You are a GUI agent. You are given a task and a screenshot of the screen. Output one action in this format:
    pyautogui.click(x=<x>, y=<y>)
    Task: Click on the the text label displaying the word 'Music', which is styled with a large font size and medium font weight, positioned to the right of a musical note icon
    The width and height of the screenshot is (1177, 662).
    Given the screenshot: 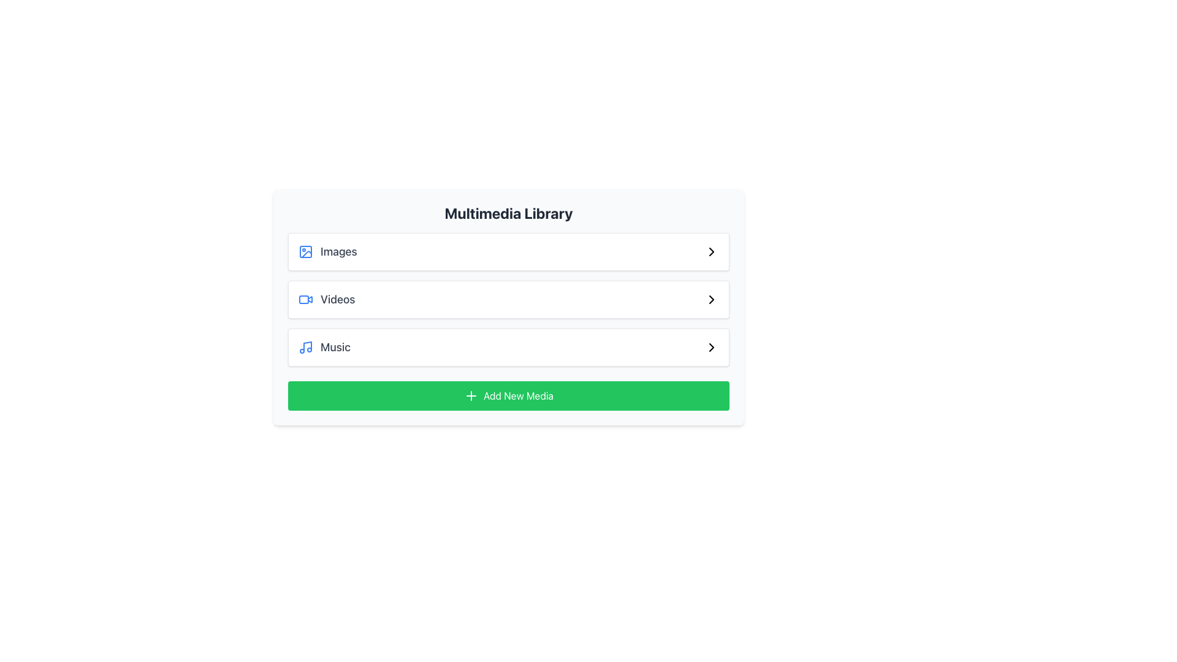 What is the action you would take?
    pyautogui.click(x=335, y=348)
    